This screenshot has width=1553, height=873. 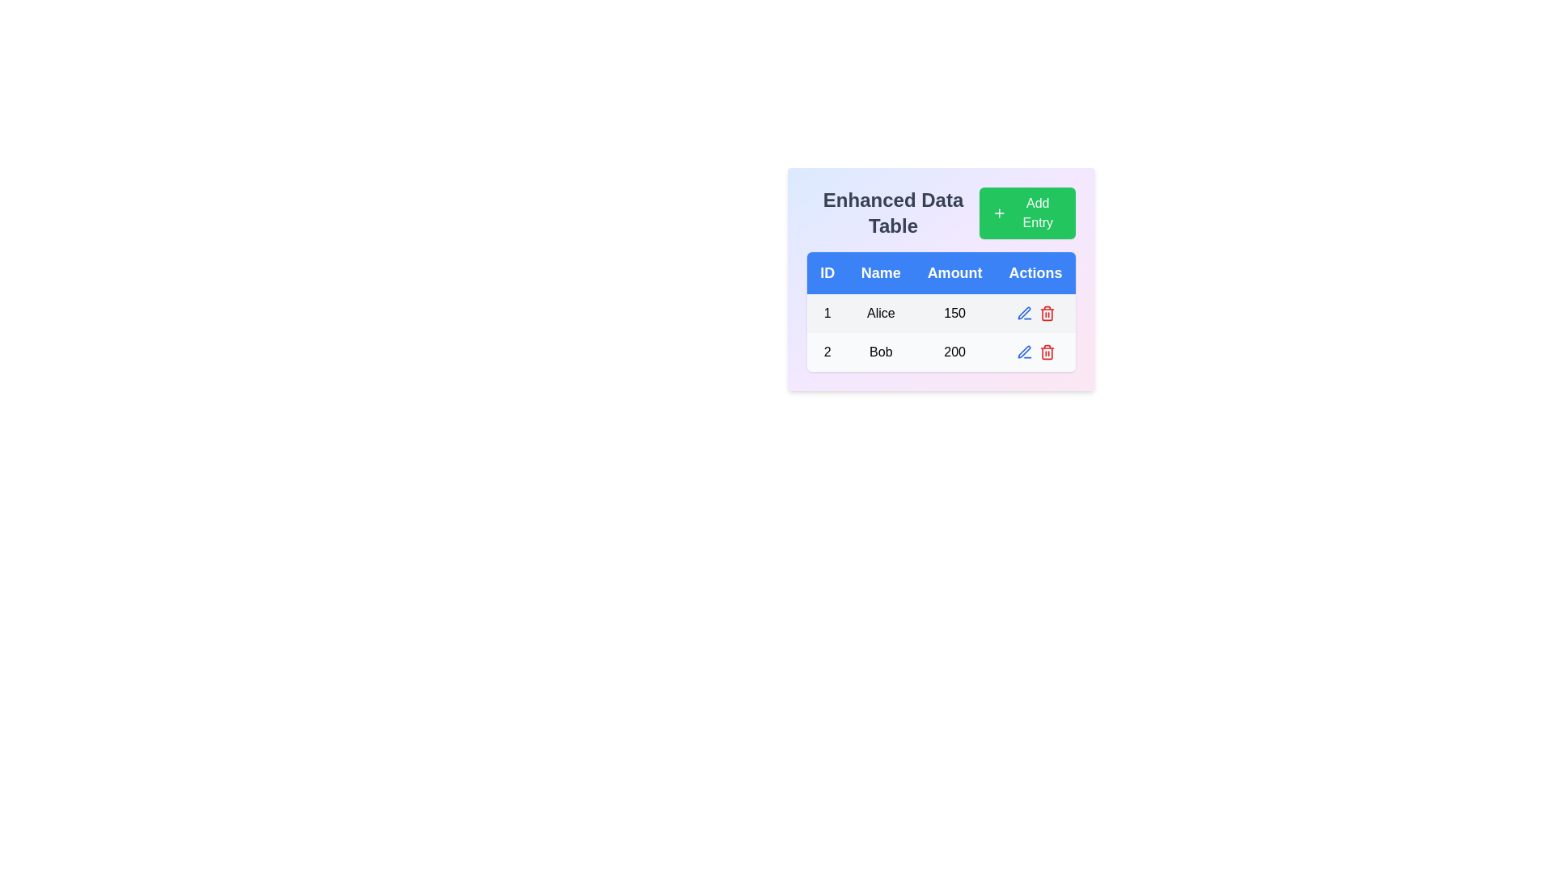 I want to click on the decorative 'add' icon located to the left of the 'Add Entry' button at the top right of the interface, so click(x=998, y=212).